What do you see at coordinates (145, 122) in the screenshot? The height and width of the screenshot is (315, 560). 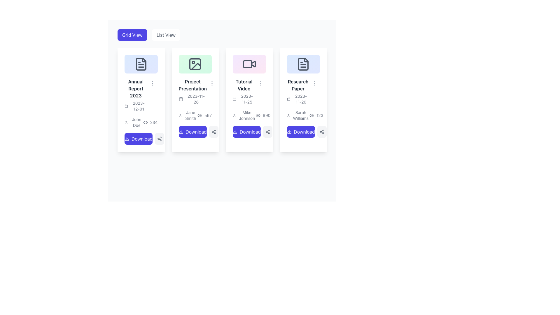 I see `the SVG icon located beneath the text 'John Doe' and to the left of the number '234' in the card titled 'Annual Report 2023'` at bounding box center [145, 122].